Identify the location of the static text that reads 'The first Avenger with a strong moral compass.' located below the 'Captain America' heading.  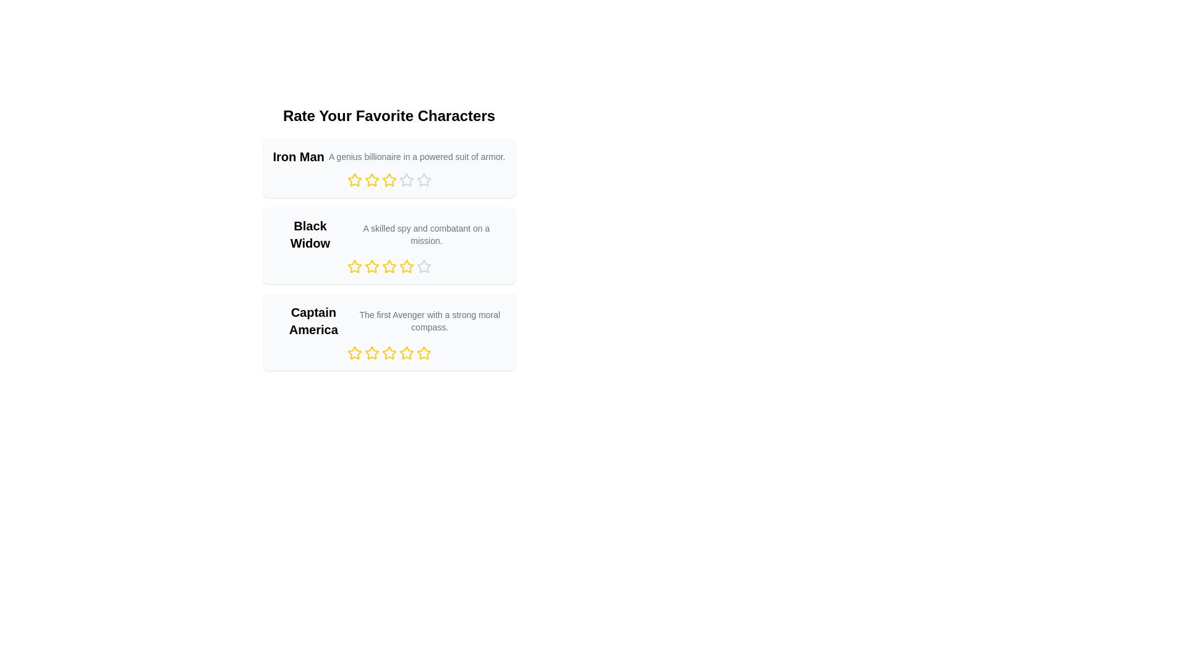
(430, 321).